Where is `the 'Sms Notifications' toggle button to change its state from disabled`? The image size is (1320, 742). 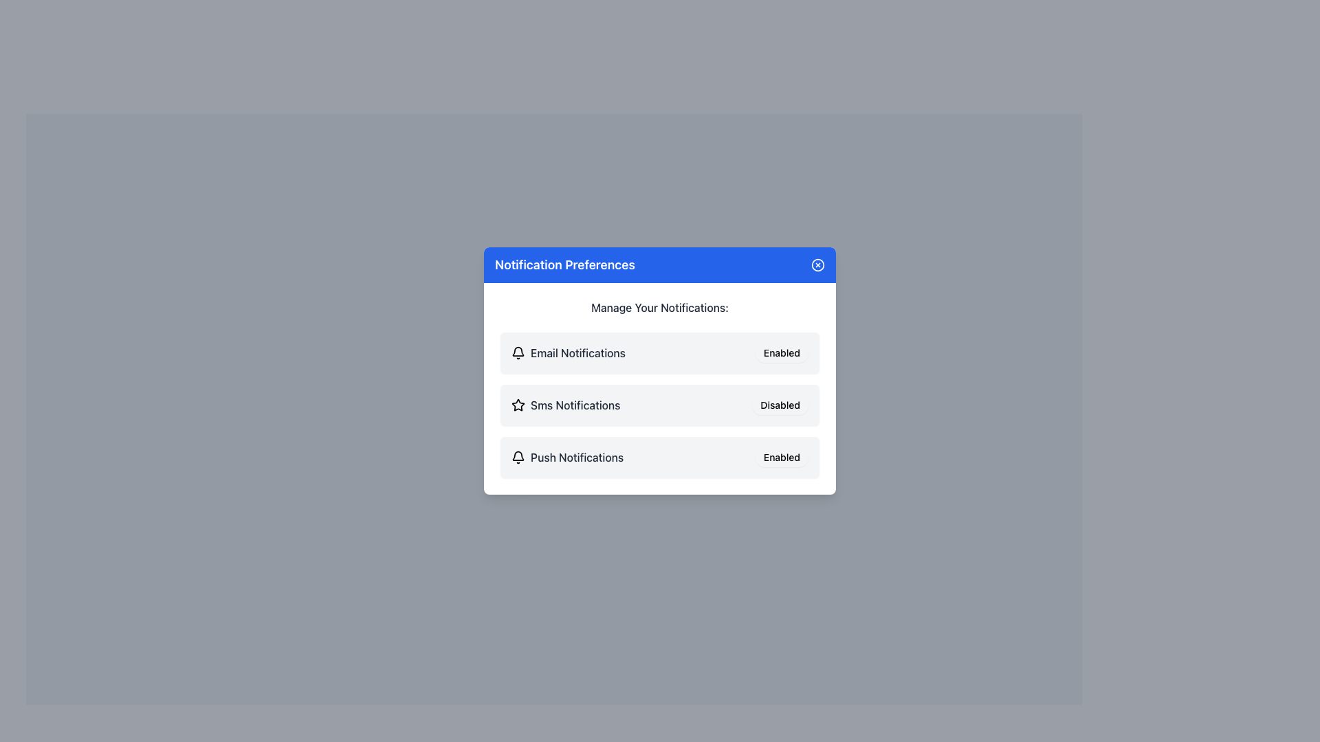
the 'Sms Notifications' toggle button to change its state from disabled is located at coordinates (780, 405).